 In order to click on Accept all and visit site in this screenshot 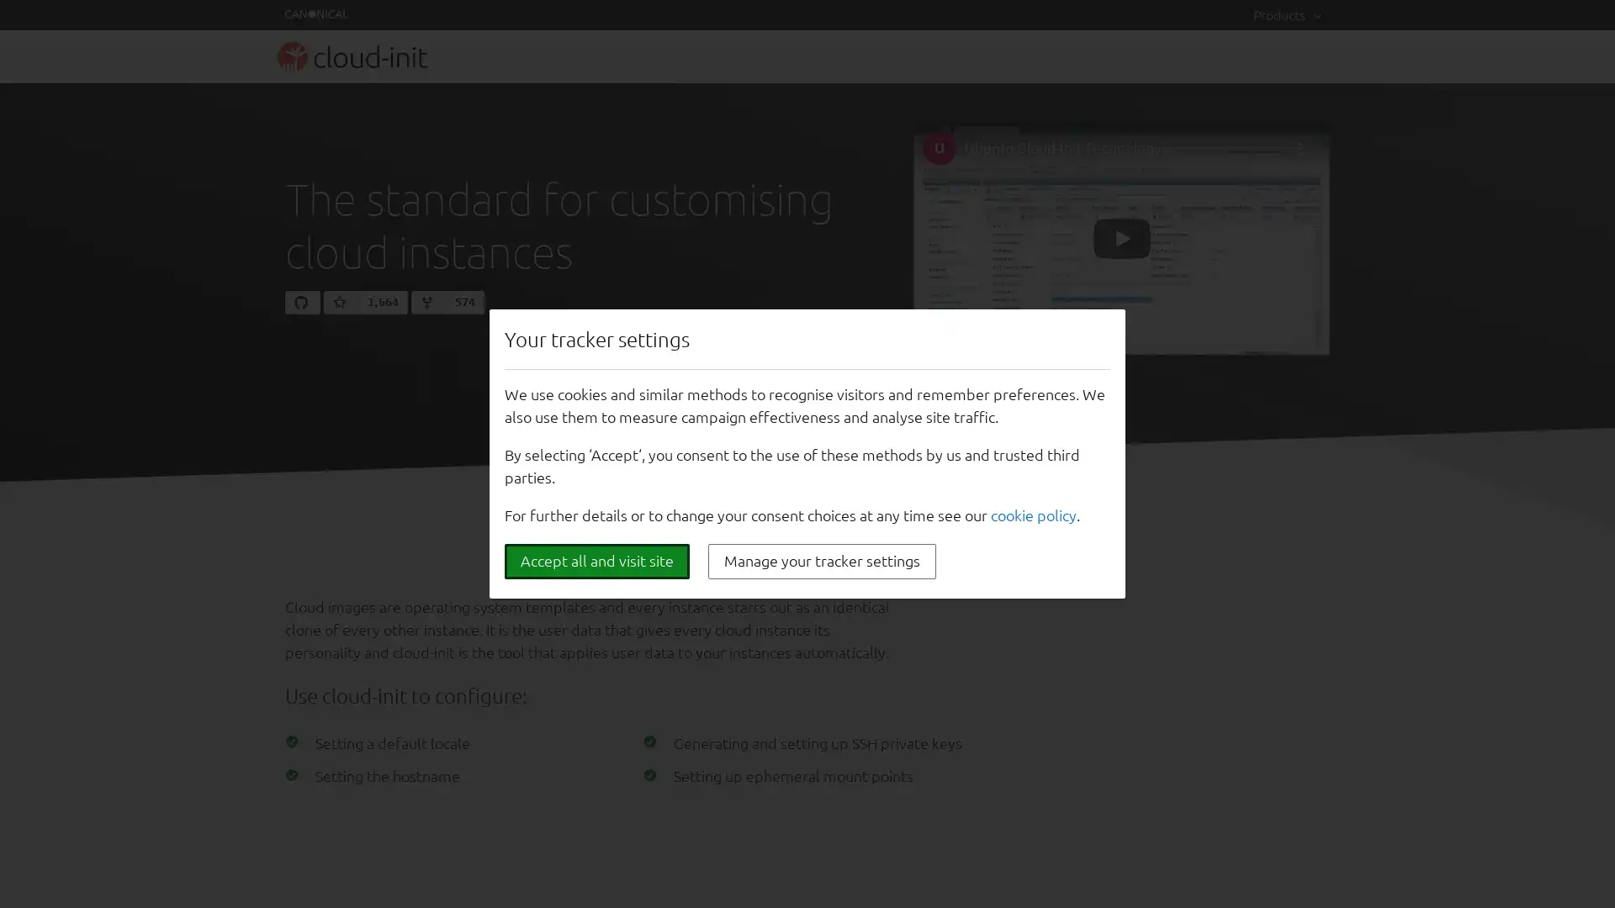, I will do `click(597, 561)`.